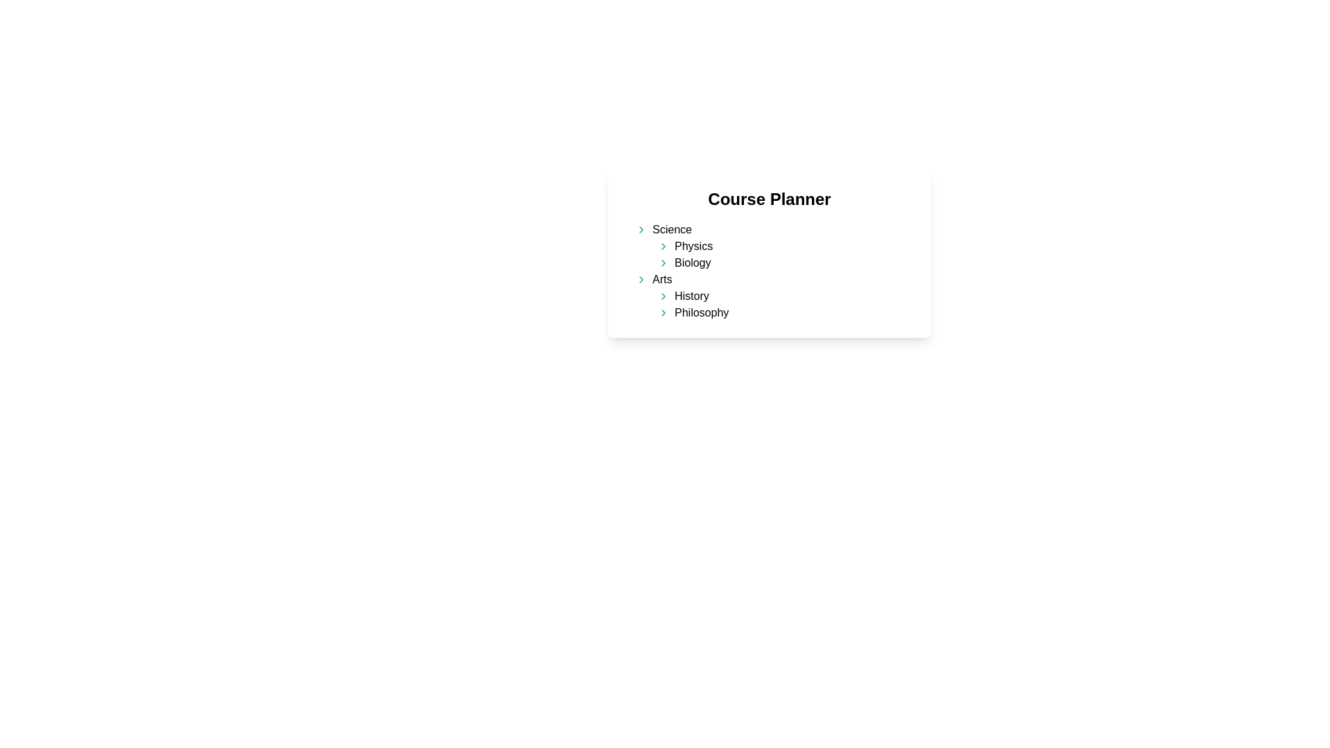 The width and height of the screenshot is (1330, 748). Describe the element at coordinates (693, 263) in the screenshot. I see `the 'Biology' label, which is styled in black, regular, sans-serif font and is located to the right of a green chevron icon under the 'Science' section of the 'Course Planner'` at that location.